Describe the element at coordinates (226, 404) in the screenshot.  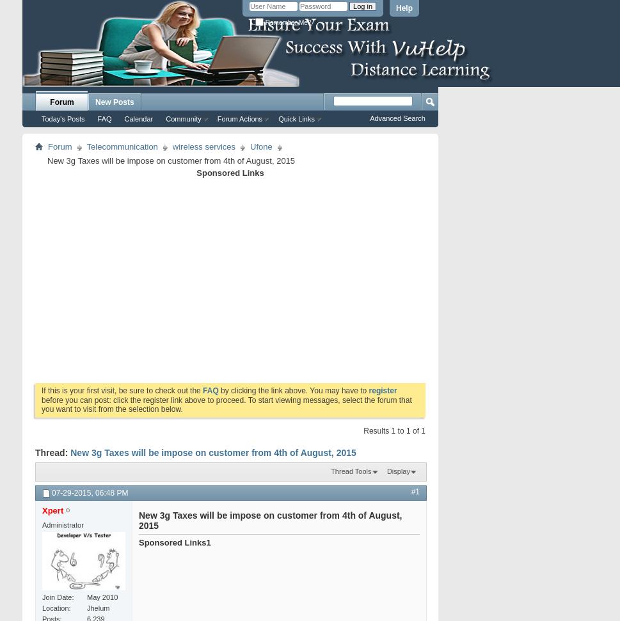
I see `'before you can post: click the register link above to proceed. To start viewing messages,
		select the forum that you want to visit from the selection below.'` at that location.